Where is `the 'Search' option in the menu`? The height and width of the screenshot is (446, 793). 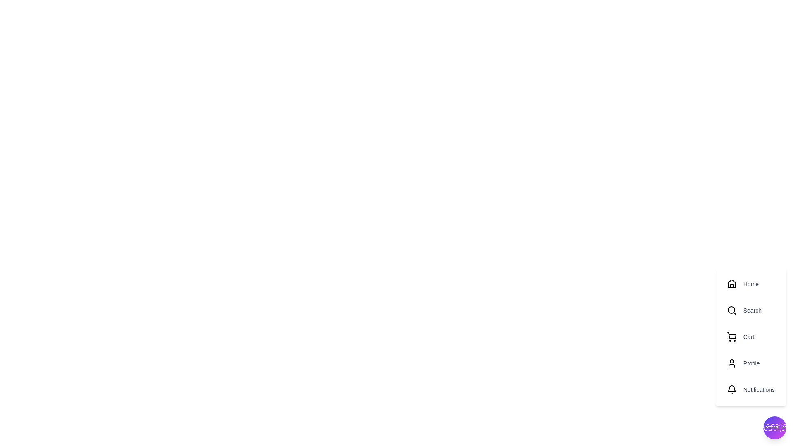
the 'Search' option in the menu is located at coordinates (750, 311).